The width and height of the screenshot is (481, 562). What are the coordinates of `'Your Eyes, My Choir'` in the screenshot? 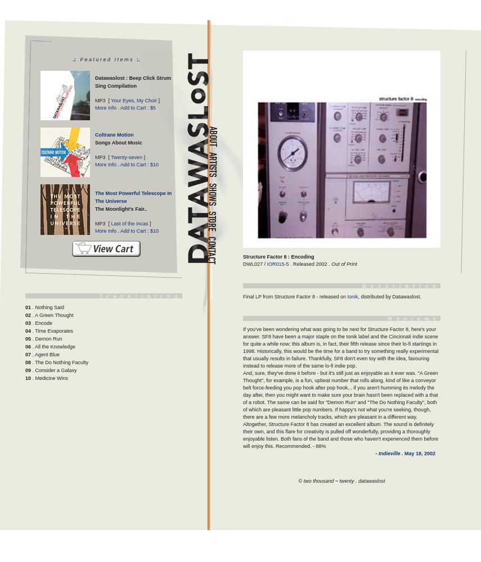 It's located at (133, 101).